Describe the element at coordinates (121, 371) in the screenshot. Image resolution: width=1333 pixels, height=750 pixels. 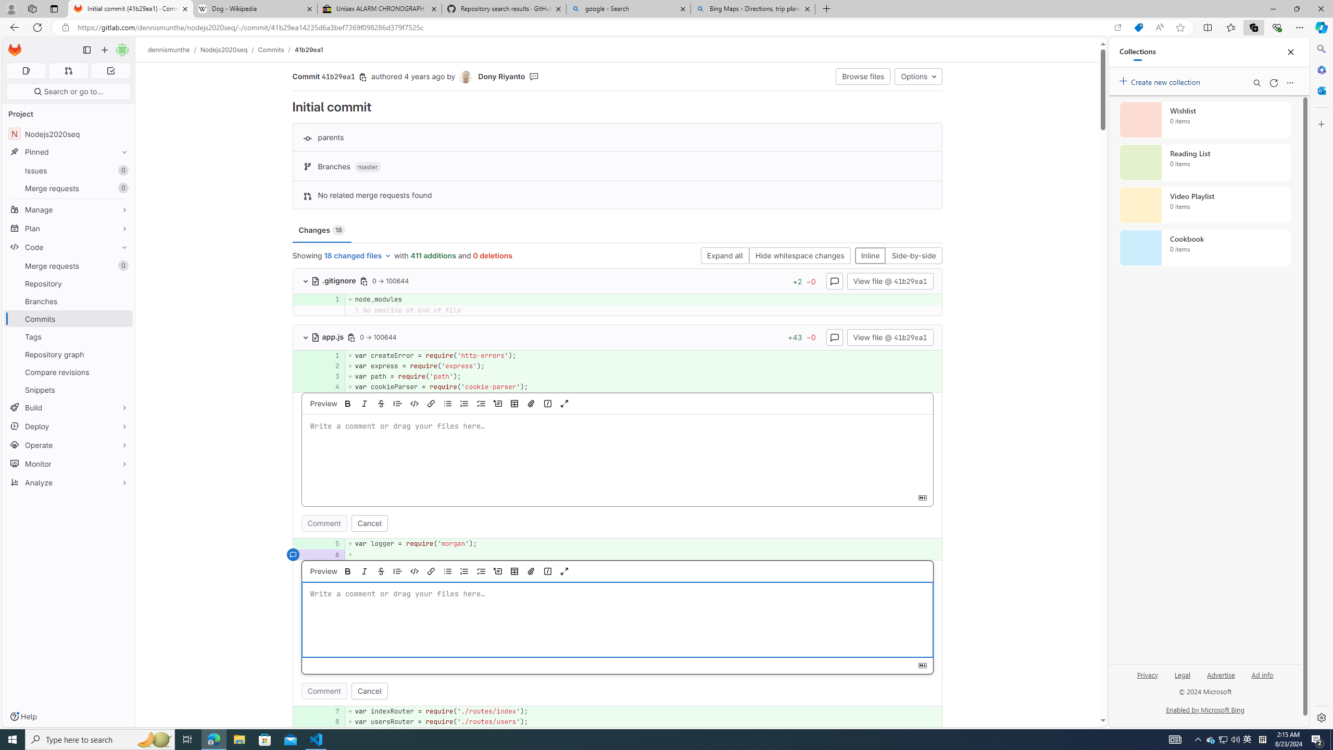
I see `'Pin Compare revisions'` at that location.